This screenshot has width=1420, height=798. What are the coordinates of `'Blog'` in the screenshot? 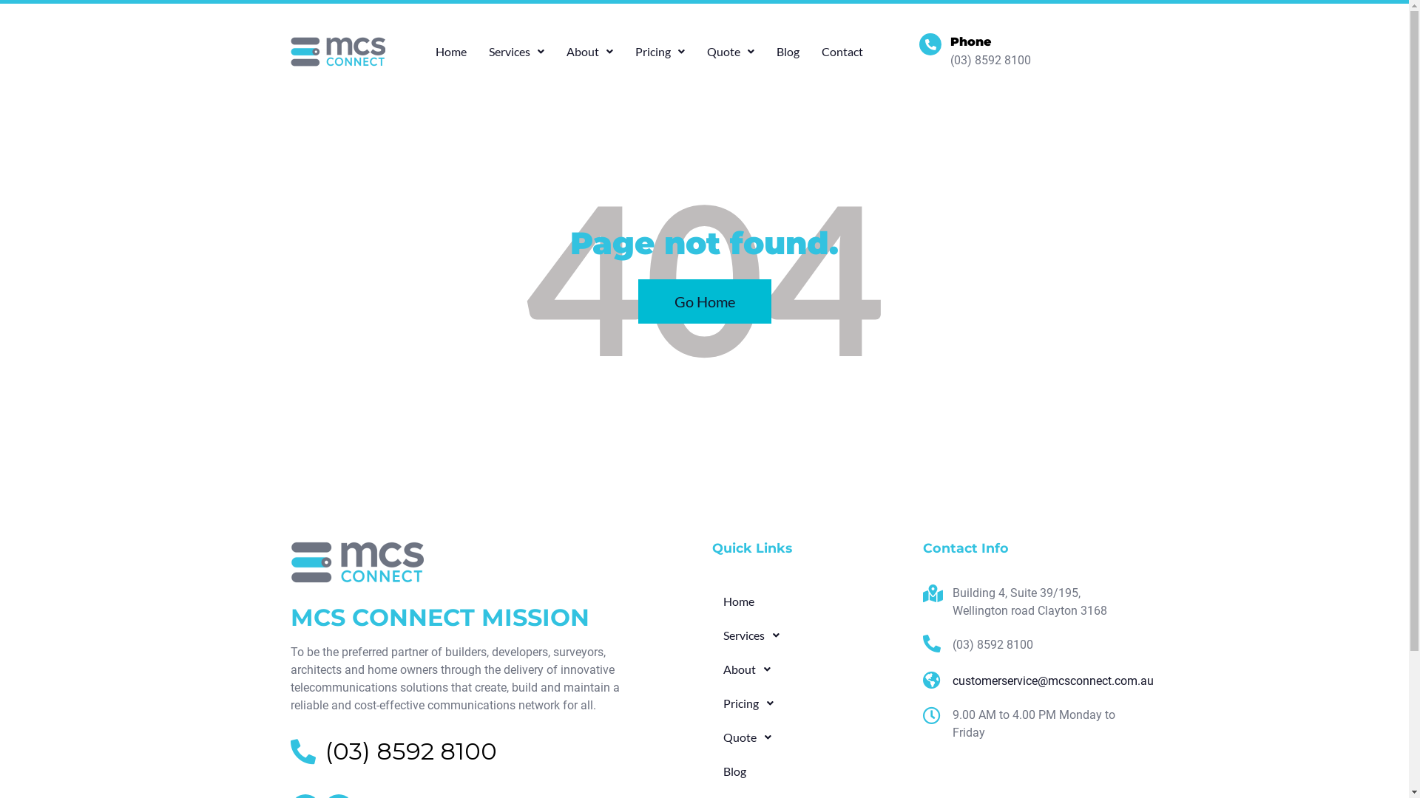 It's located at (808, 771).